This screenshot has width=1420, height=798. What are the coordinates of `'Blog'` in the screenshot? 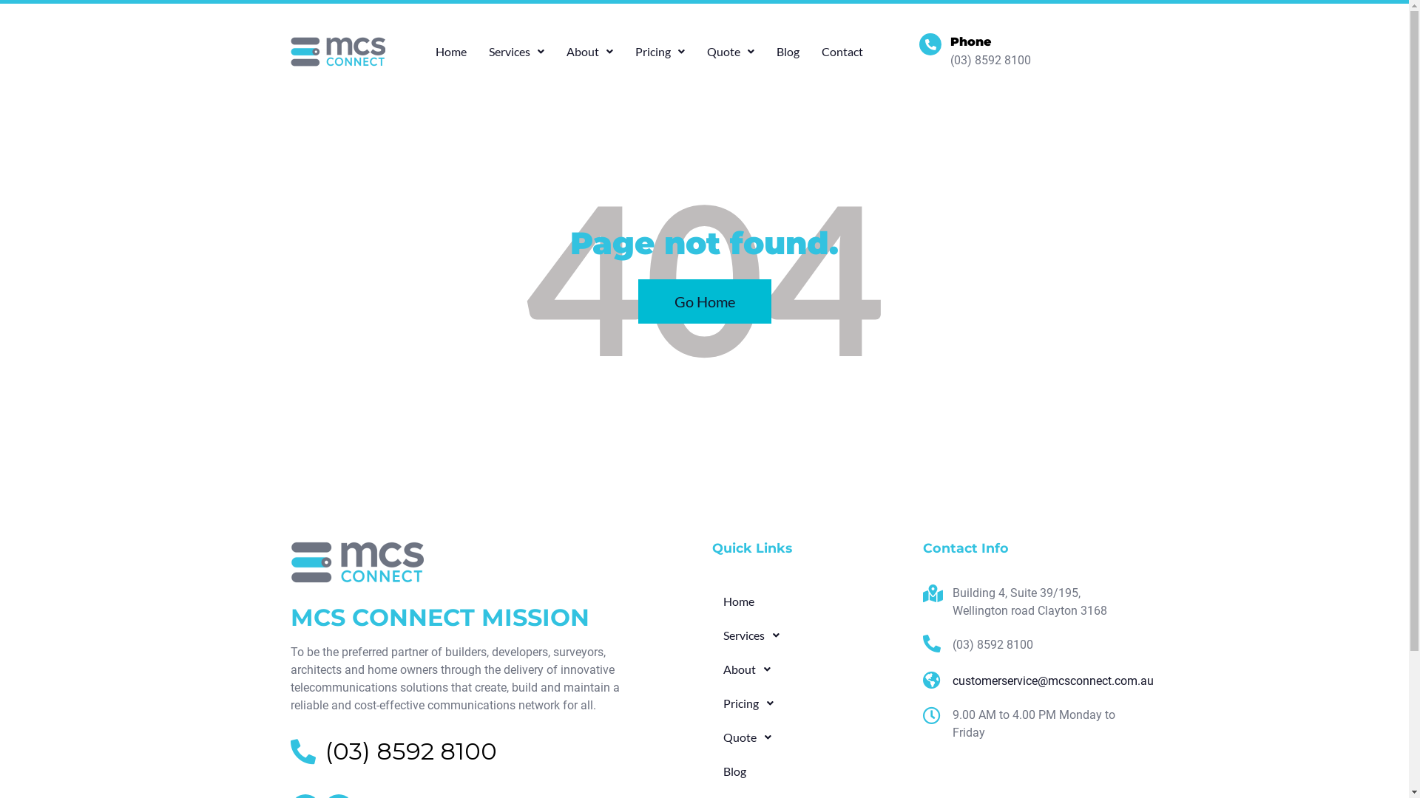 It's located at (808, 771).